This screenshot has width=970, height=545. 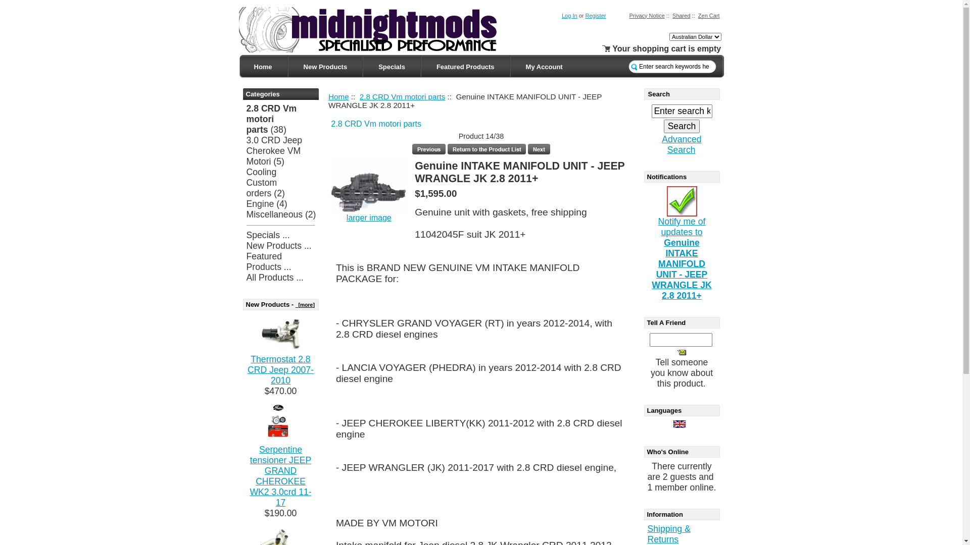 I want to click on 'New Products ...', so click(x=279, y=245).